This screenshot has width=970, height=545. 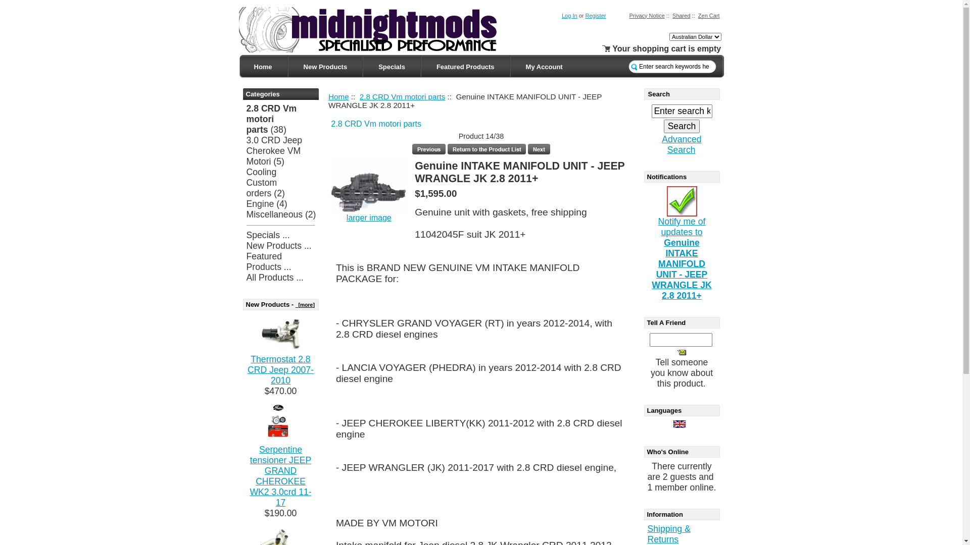 I want to click on 'New Products ...', so click(x=279, y=245).